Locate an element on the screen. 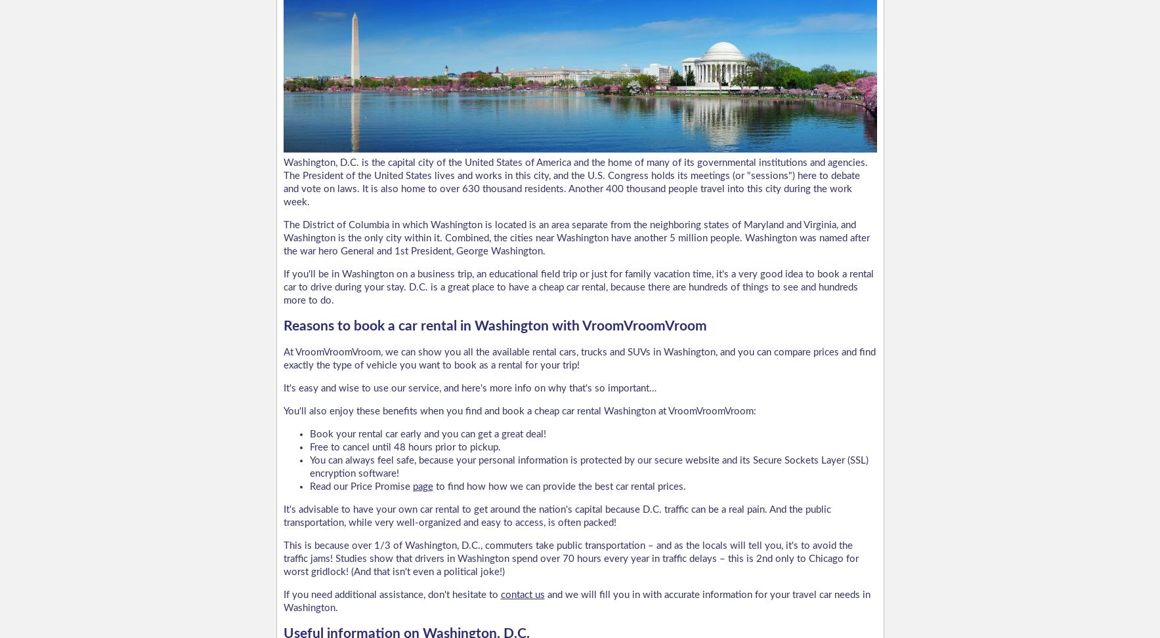 The image size is (1160, 638). 'This is because over 1/3 of Washington, D.C., commuters take public transportation – and as the locals will tell you, it's to avoid the traffic jams! Studies show that drivers in Washington spend over 70 hours every year in traffic delays – this is 2nd only to Chicago for worst gridlock! (And that isn't even a political joke!)' is located at coordinates (282, 558).